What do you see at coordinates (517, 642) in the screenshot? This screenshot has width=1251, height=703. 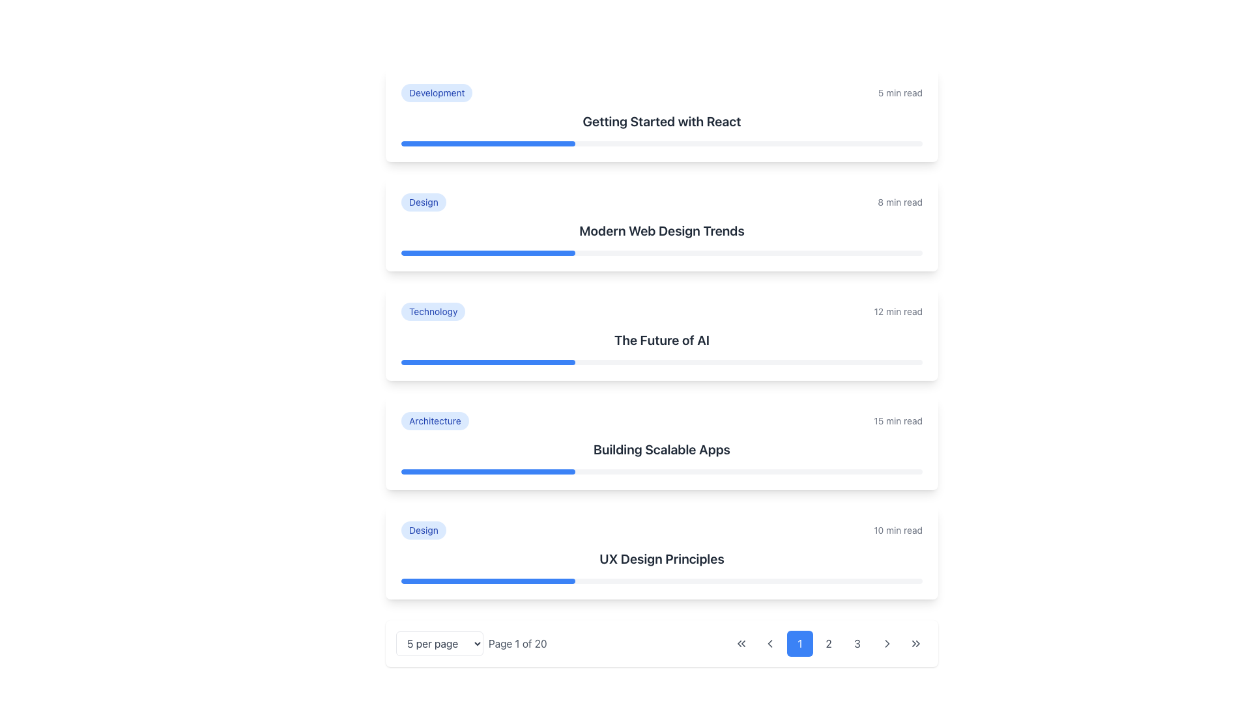 I see `the text label displaying the current page number and total pages, located at the bottom center of the interface, right of the '5 per page' dropdown and left of the navigation arrows` at bounding box center [517, 642].